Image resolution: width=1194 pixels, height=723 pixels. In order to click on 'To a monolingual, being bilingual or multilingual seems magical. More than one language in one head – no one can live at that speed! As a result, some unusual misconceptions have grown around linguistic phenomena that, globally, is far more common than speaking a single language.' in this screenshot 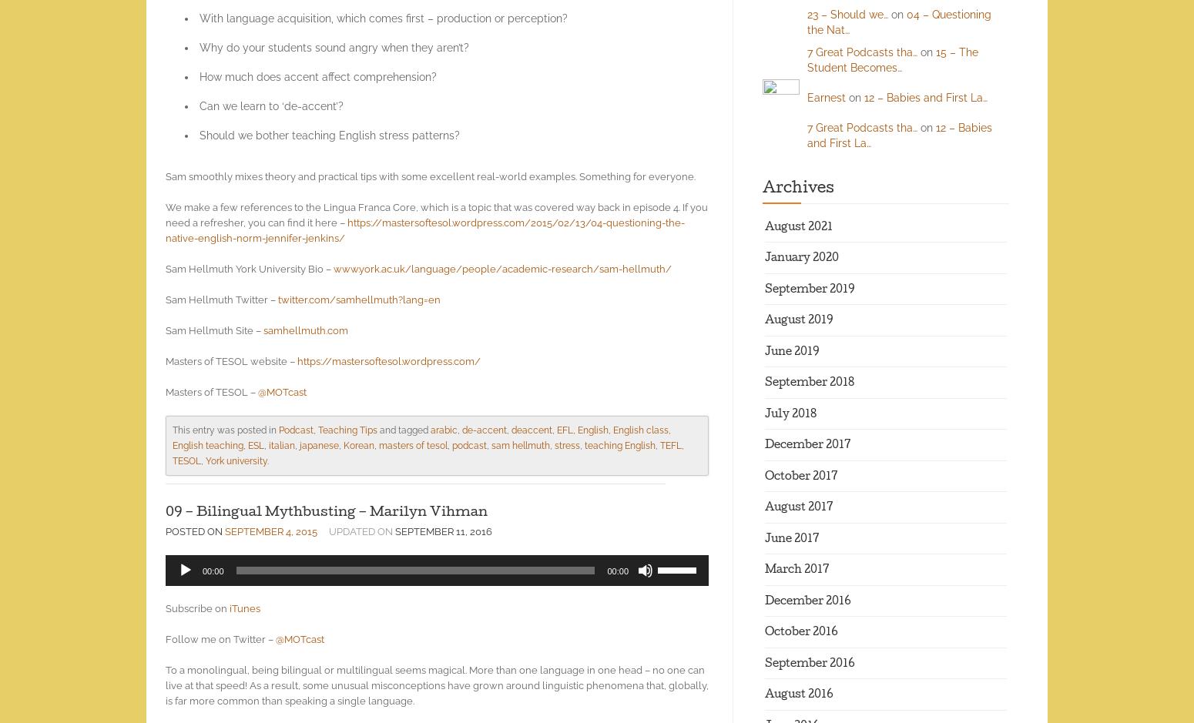, I will do `click(437, 685)`.